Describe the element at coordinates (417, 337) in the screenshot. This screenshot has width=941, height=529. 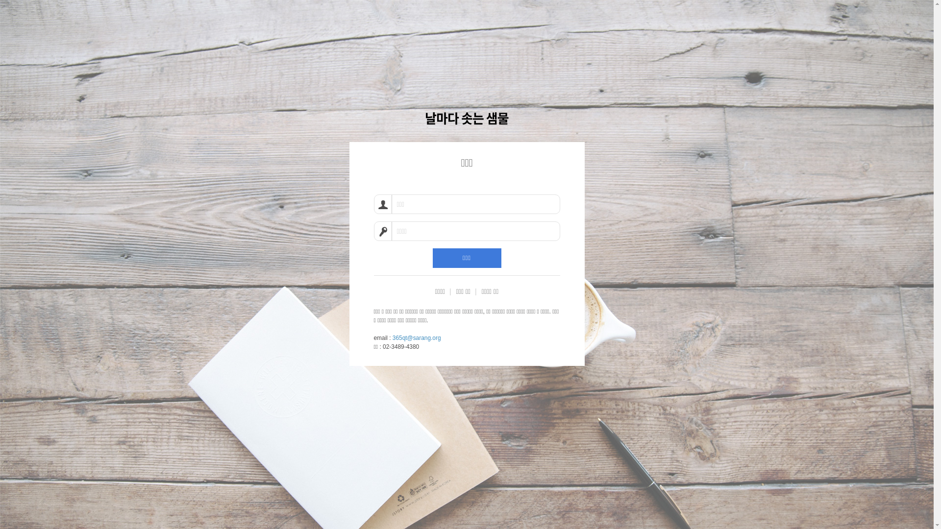
I see `'365qt@sarang.org'` at that location.